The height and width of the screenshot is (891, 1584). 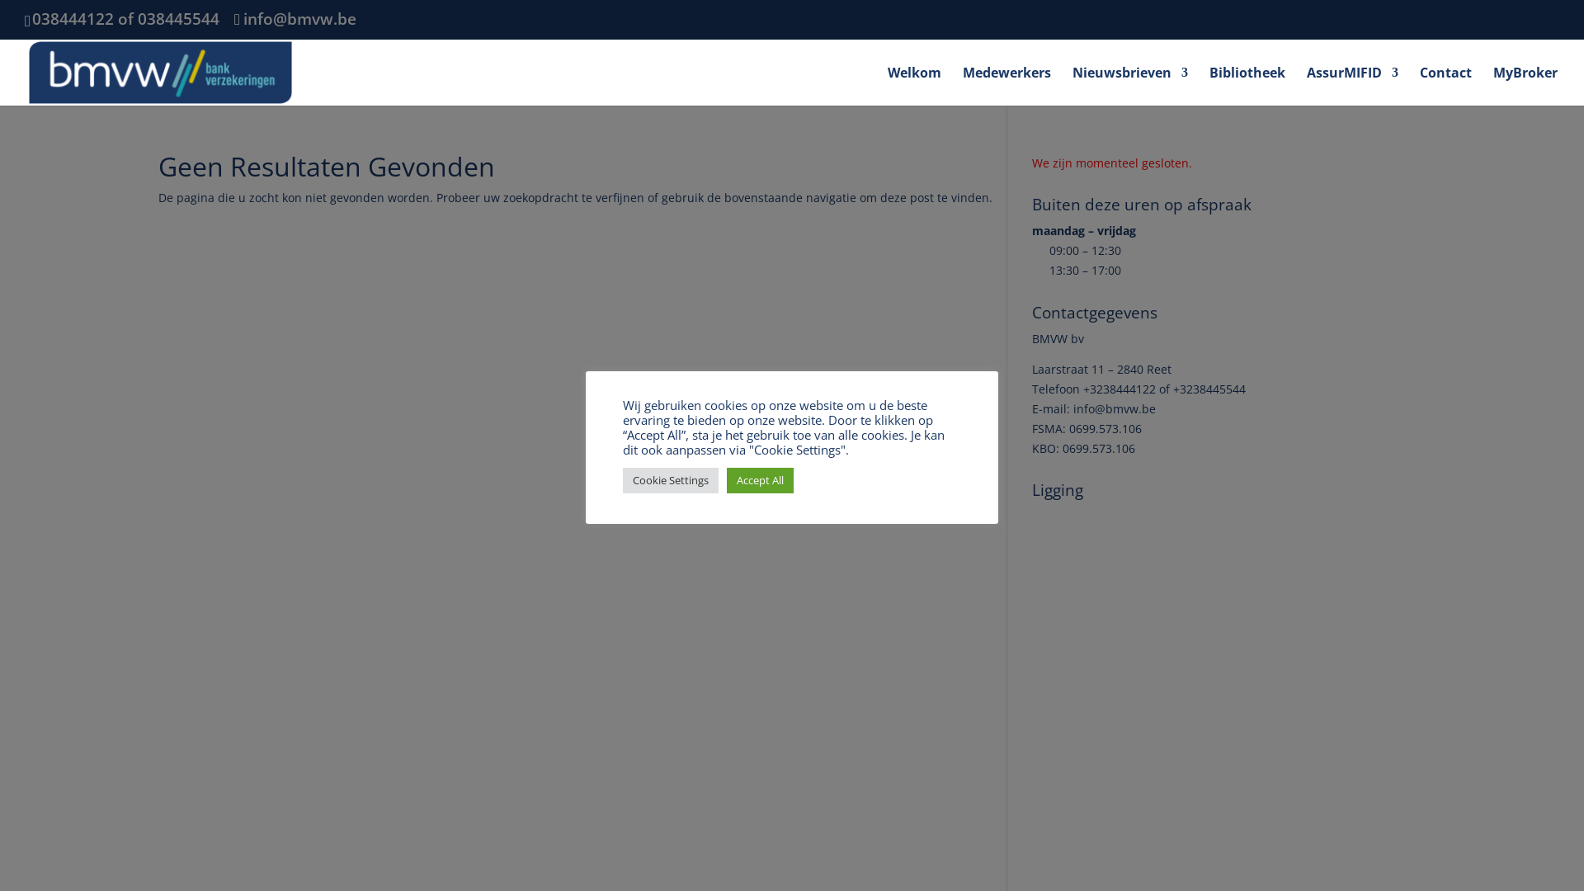 I want to click on 'Bibliotheek', so click(x=1247, y=85).